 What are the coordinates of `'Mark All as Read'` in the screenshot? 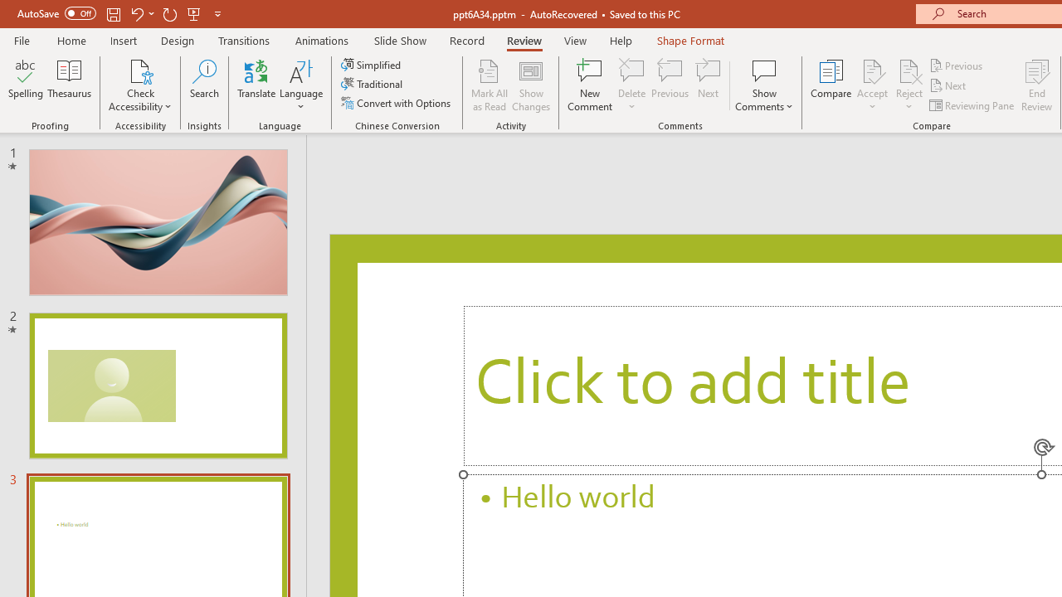 It's located at (489, 85).